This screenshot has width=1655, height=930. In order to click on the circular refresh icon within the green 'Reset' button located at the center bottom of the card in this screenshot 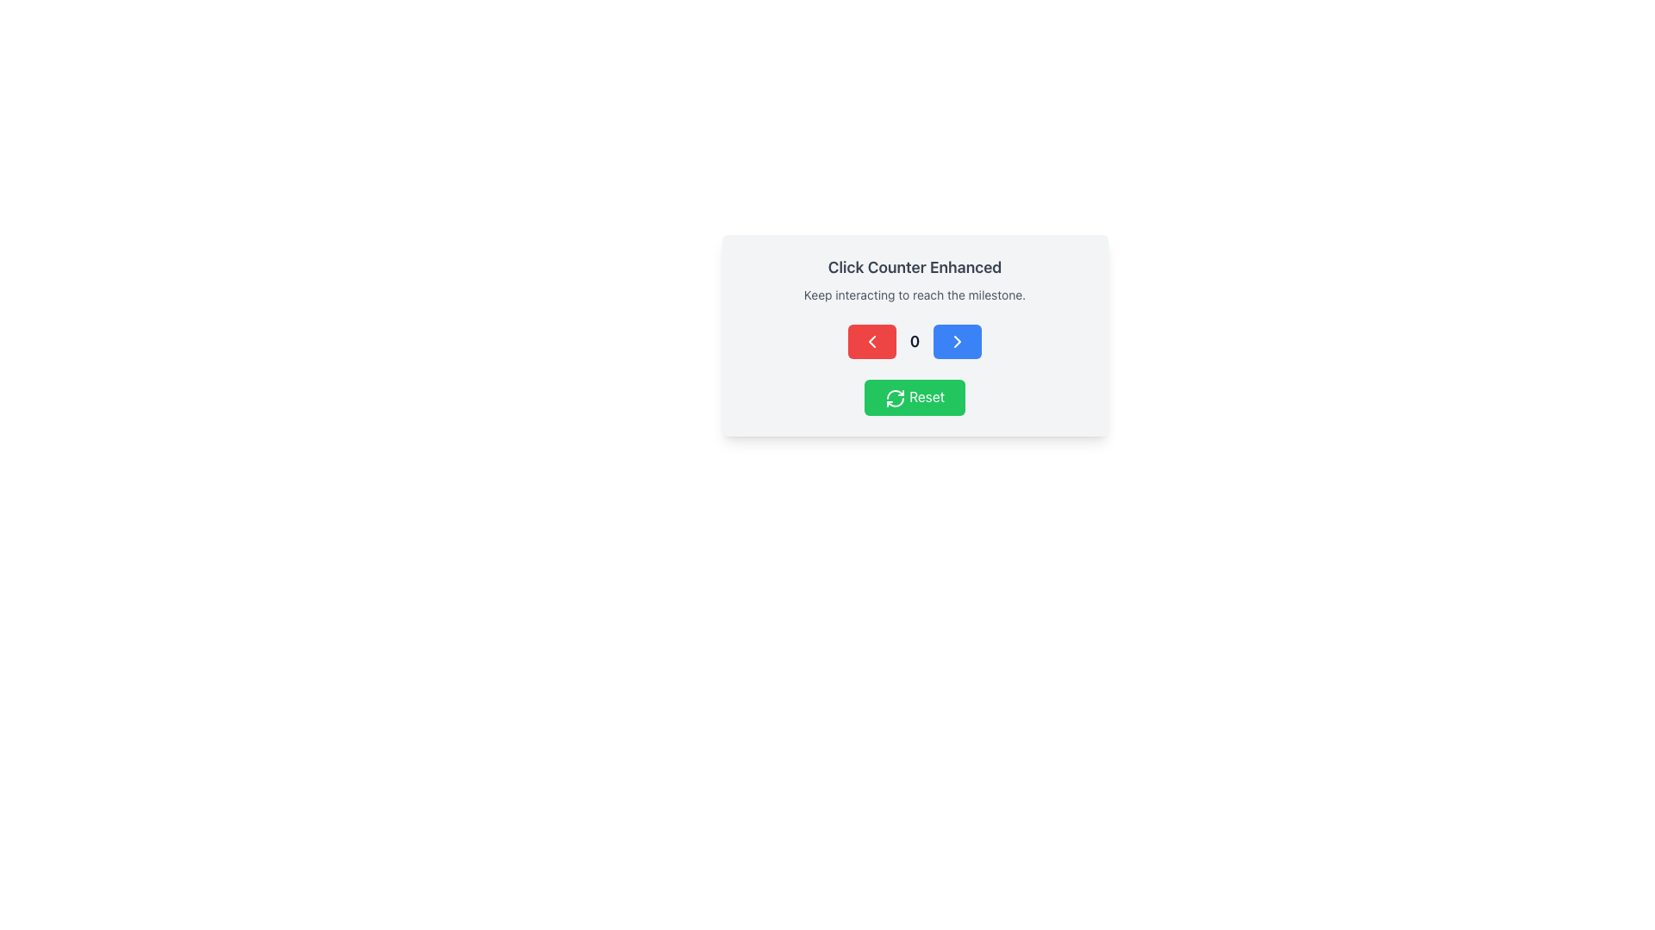, I will do `click(895, 398)`.